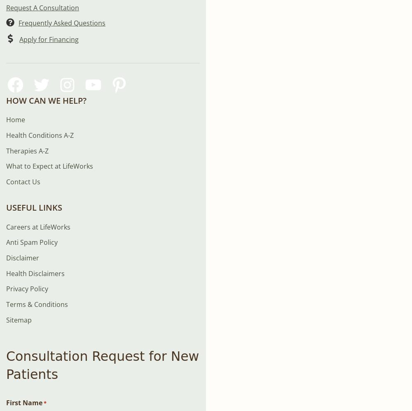  I want to click on 'Anti Spam Policy', so click(31, 242).